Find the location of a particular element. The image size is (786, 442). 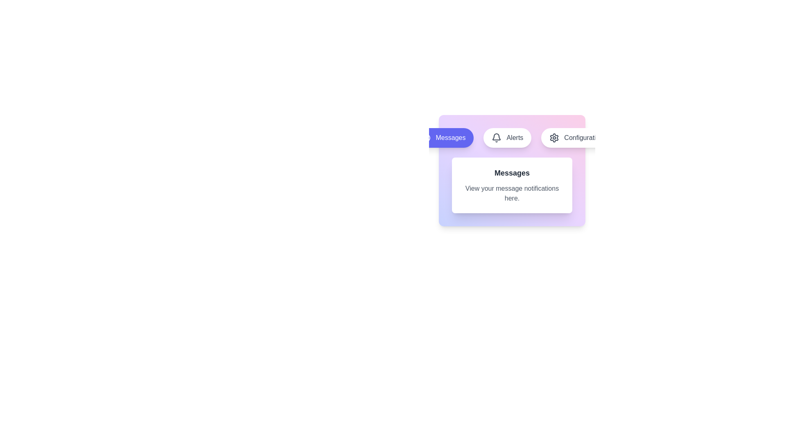

the Messages tab is located at coordinates (443, 137).